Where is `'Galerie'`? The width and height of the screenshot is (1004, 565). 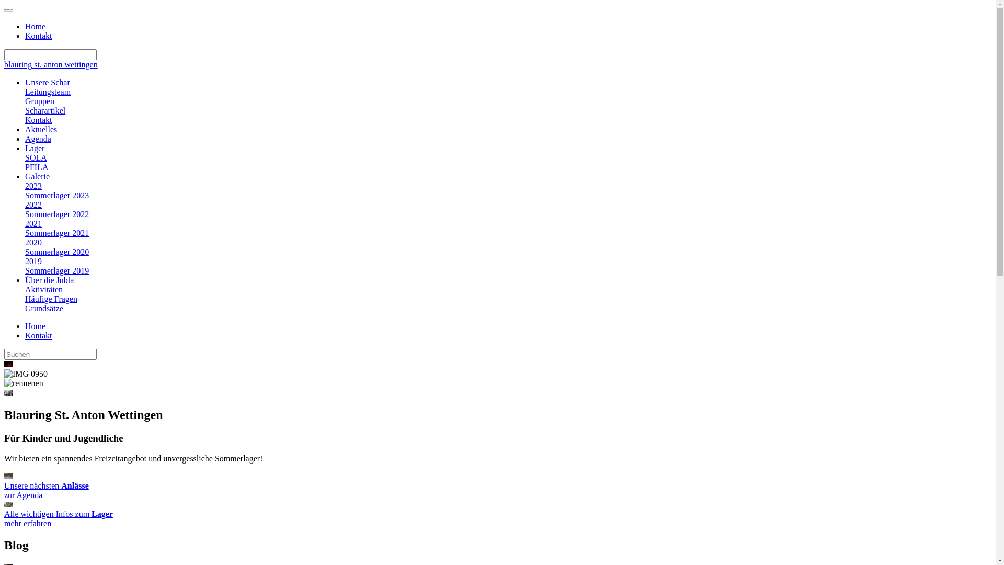
'Galerie' is located at coordinates (37, 176).